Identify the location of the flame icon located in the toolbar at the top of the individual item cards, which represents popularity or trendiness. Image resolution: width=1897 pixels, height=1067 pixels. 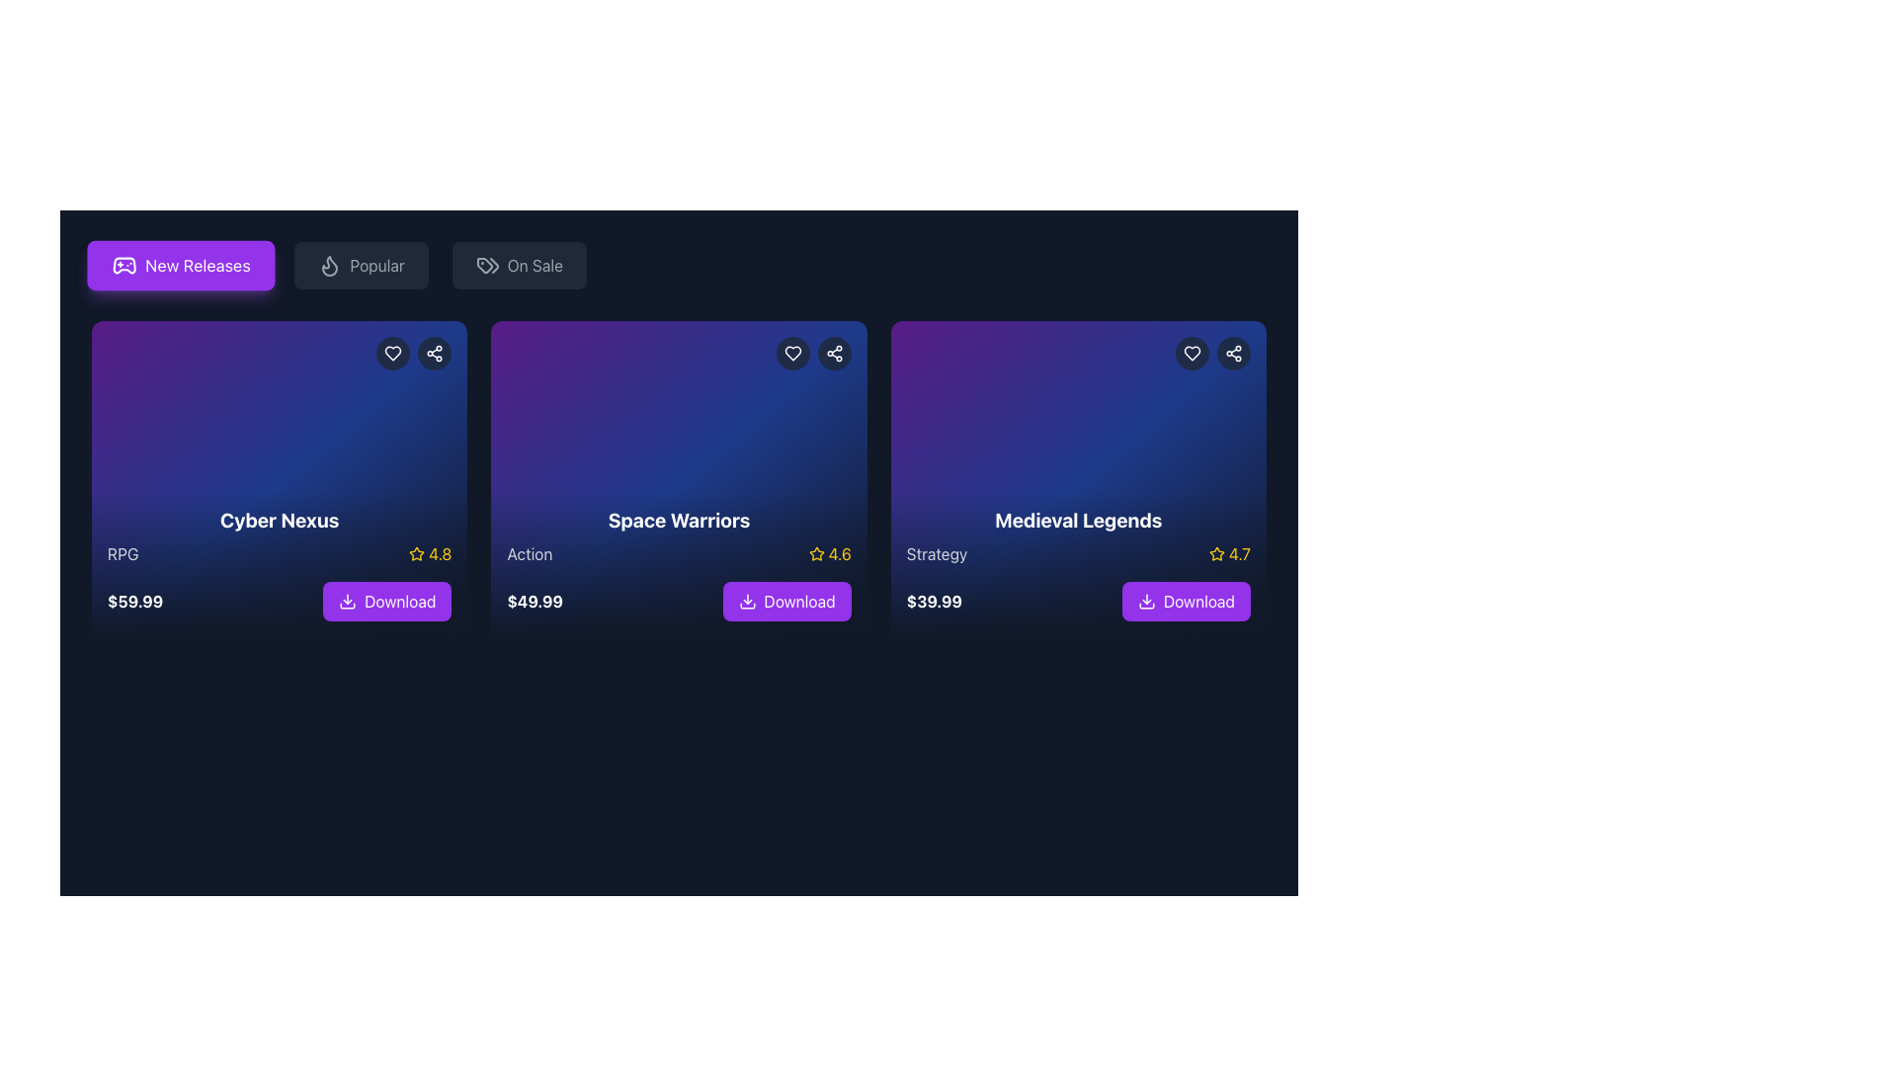
(330, 265).